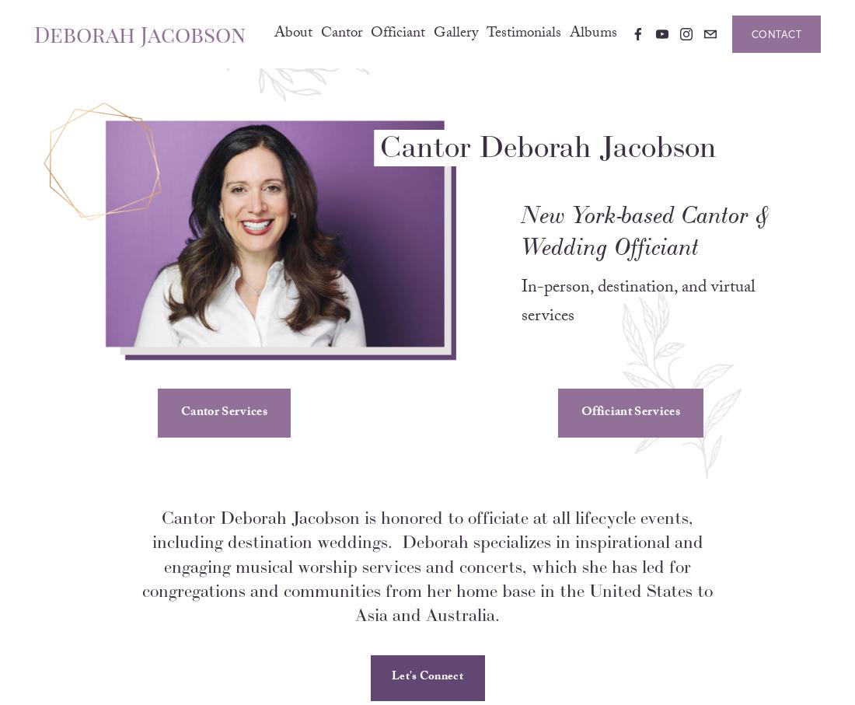 Image resolution: width=855 pixels, height=705 pixels. What do you see at coordinates (141, 586) in the screenshot?
I see `'Cantor Deborah Jacobson is honored to officiate at all lifecycle events, including destination weddings.  Deborah specializes in inspirational and engaging musical worship services and concerts, which she has led for congregations and communities from her home base in the United States to Asia and Australia.'` at bounding box center [141, 586].